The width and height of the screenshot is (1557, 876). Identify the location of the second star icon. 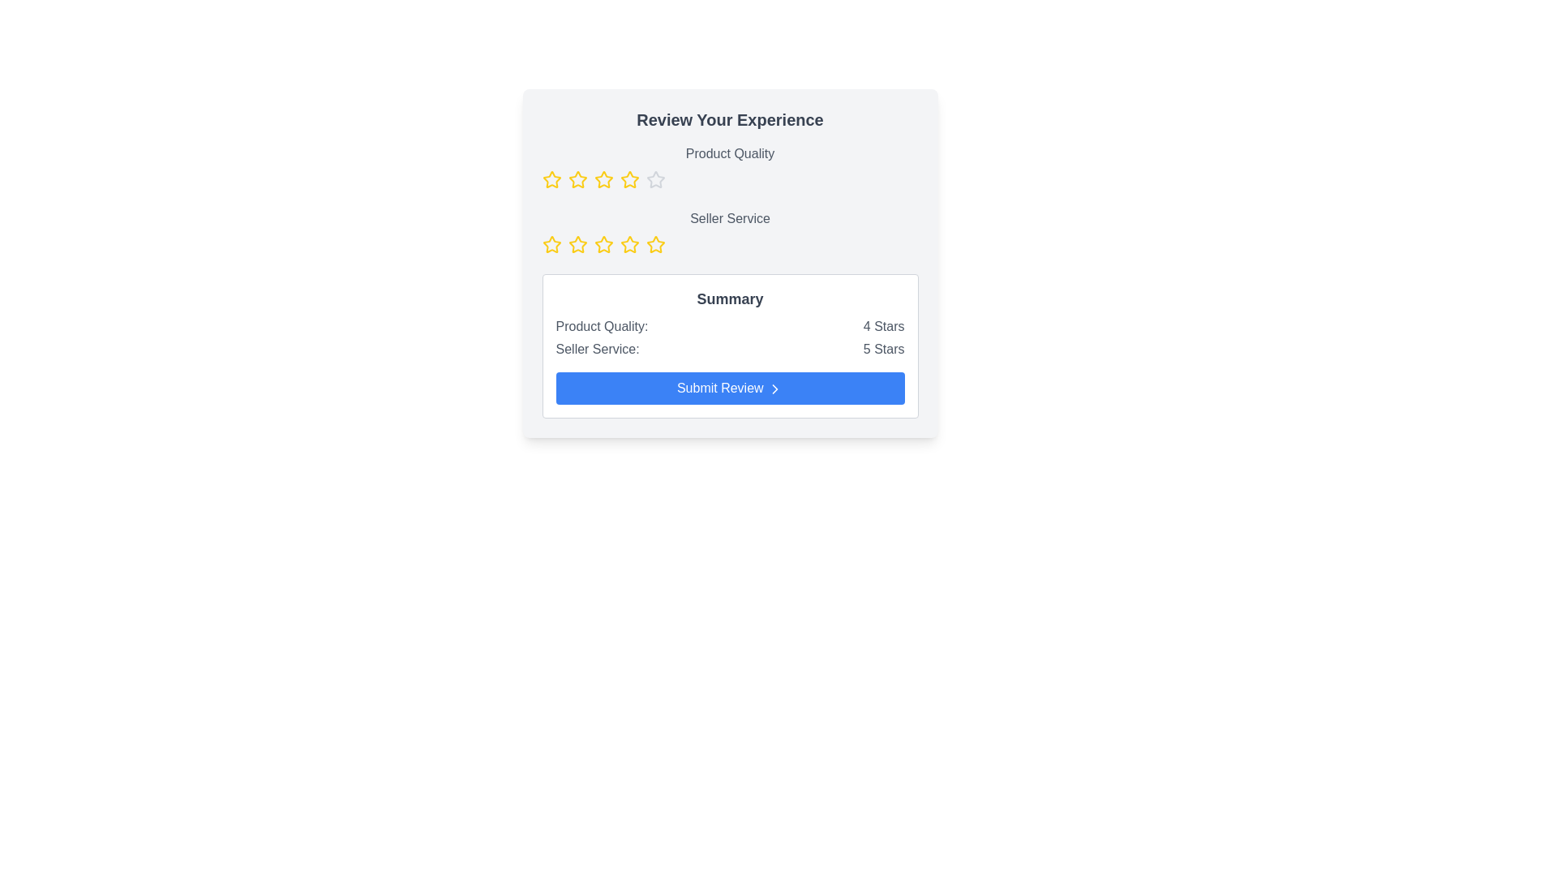
(551, 179).